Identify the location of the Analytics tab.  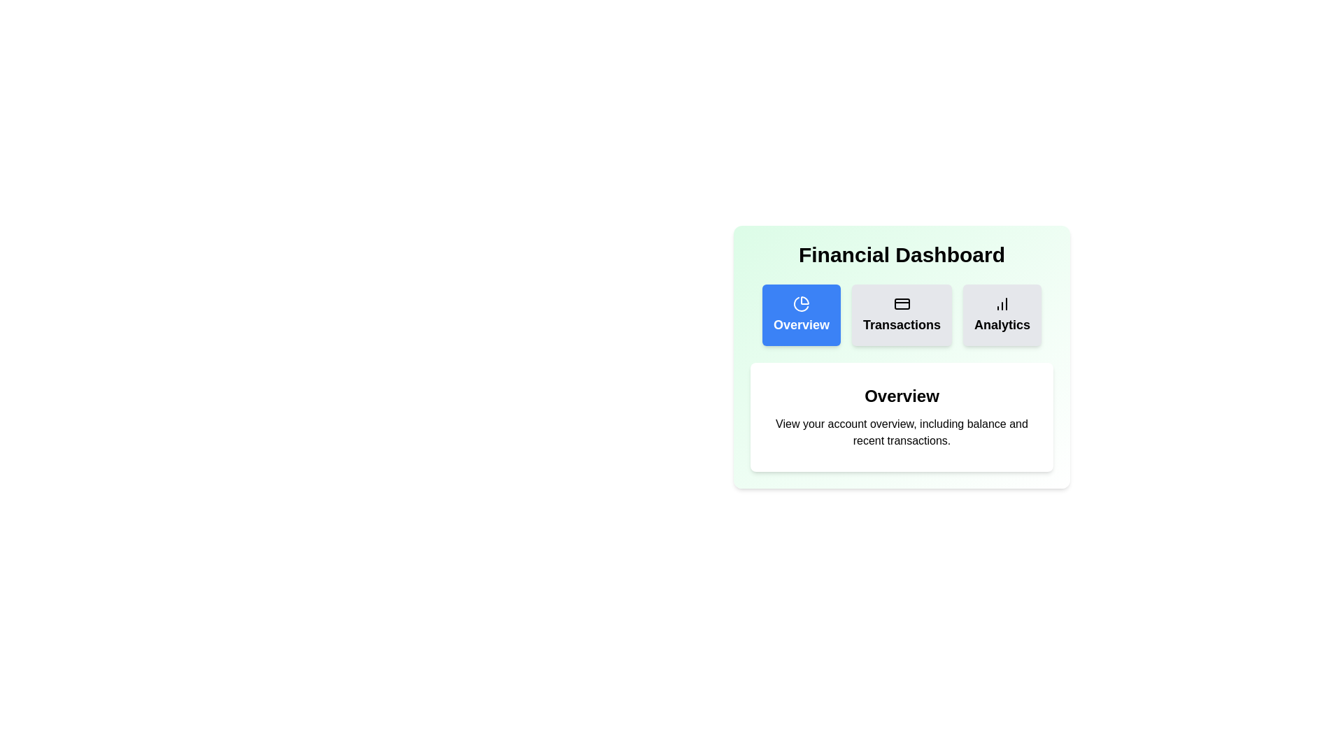
(1002, 315).